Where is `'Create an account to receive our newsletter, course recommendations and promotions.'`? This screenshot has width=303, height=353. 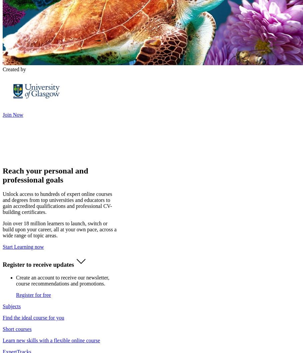 'Create an account to receive our newsletter, course recommendations and promotions.' is located at coordinates (62, 280).